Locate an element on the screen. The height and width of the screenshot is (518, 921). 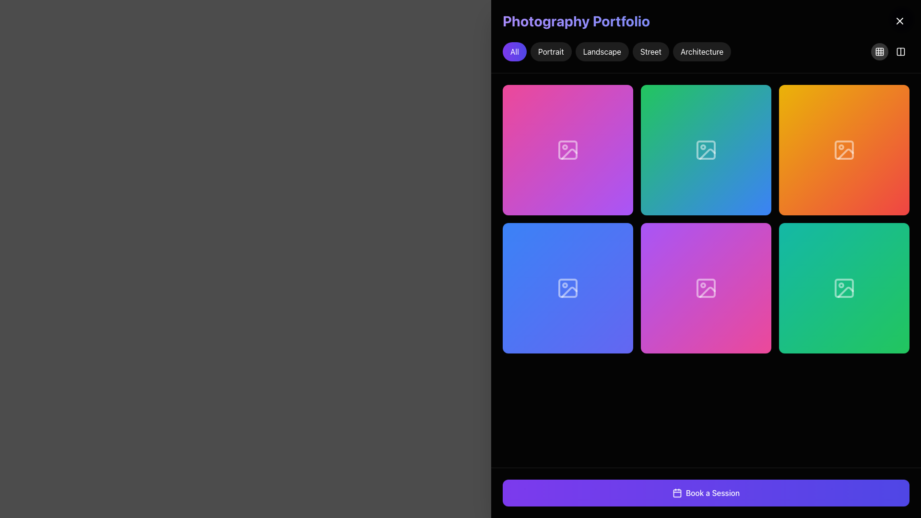
the centrally aligned icon in the second card of the second row within the 3x3 grid layout on the right pane is located at coordinates (568, 288).